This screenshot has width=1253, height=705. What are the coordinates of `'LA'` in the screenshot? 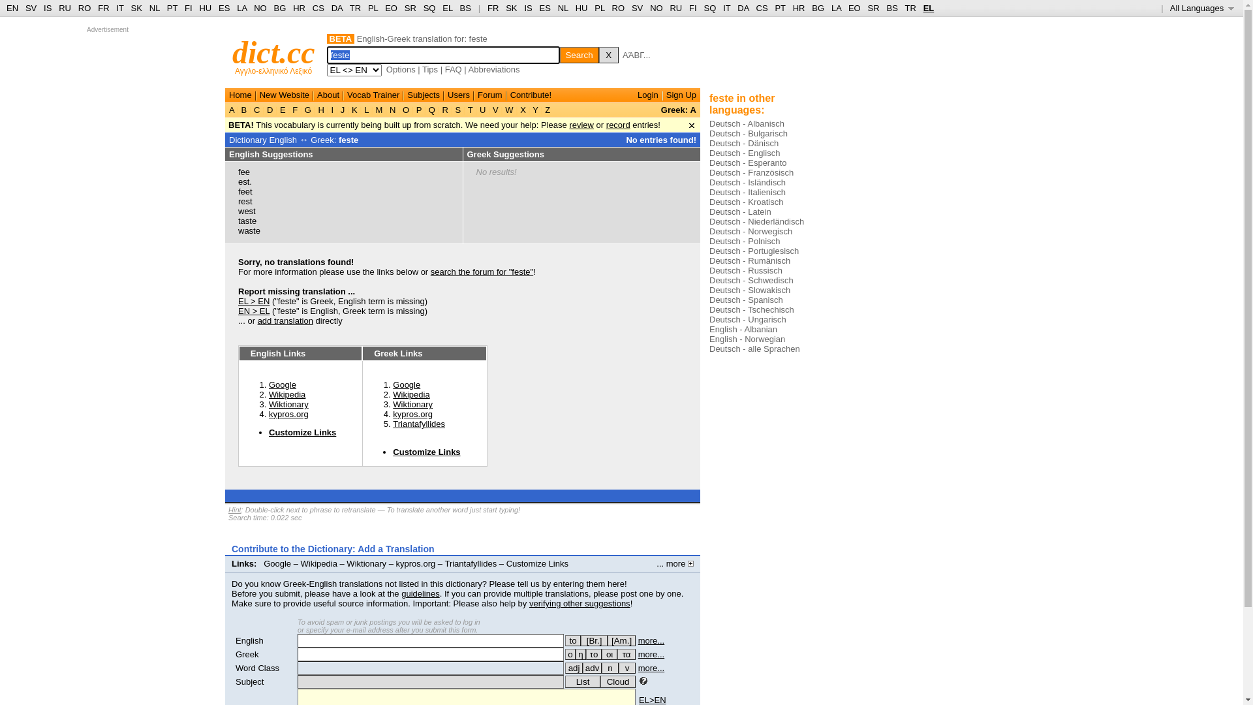 It's located at (237, 8).